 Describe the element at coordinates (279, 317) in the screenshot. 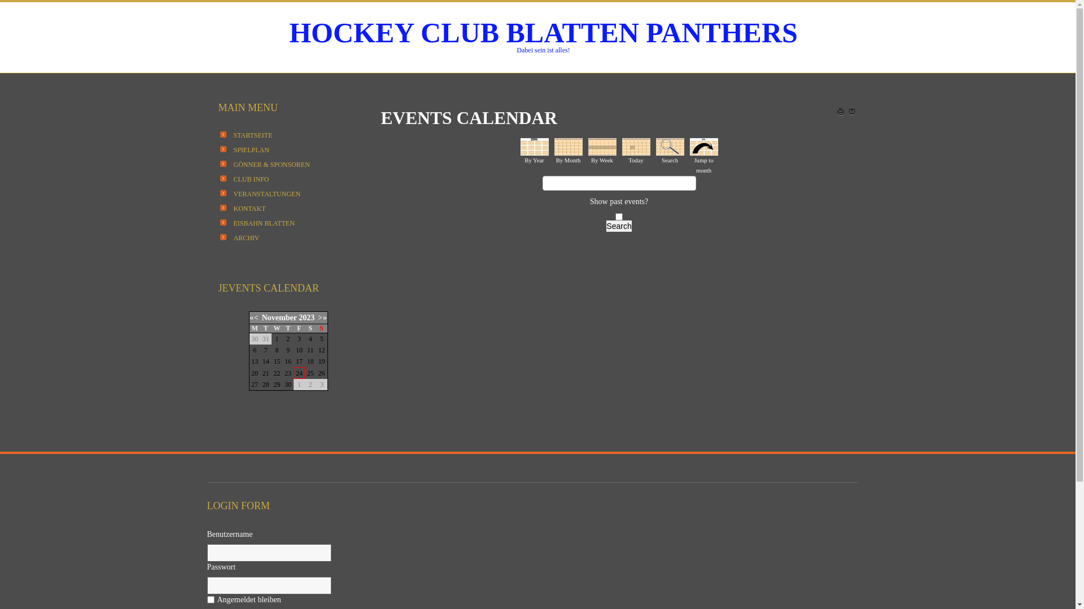

I see `'November'` at that location.